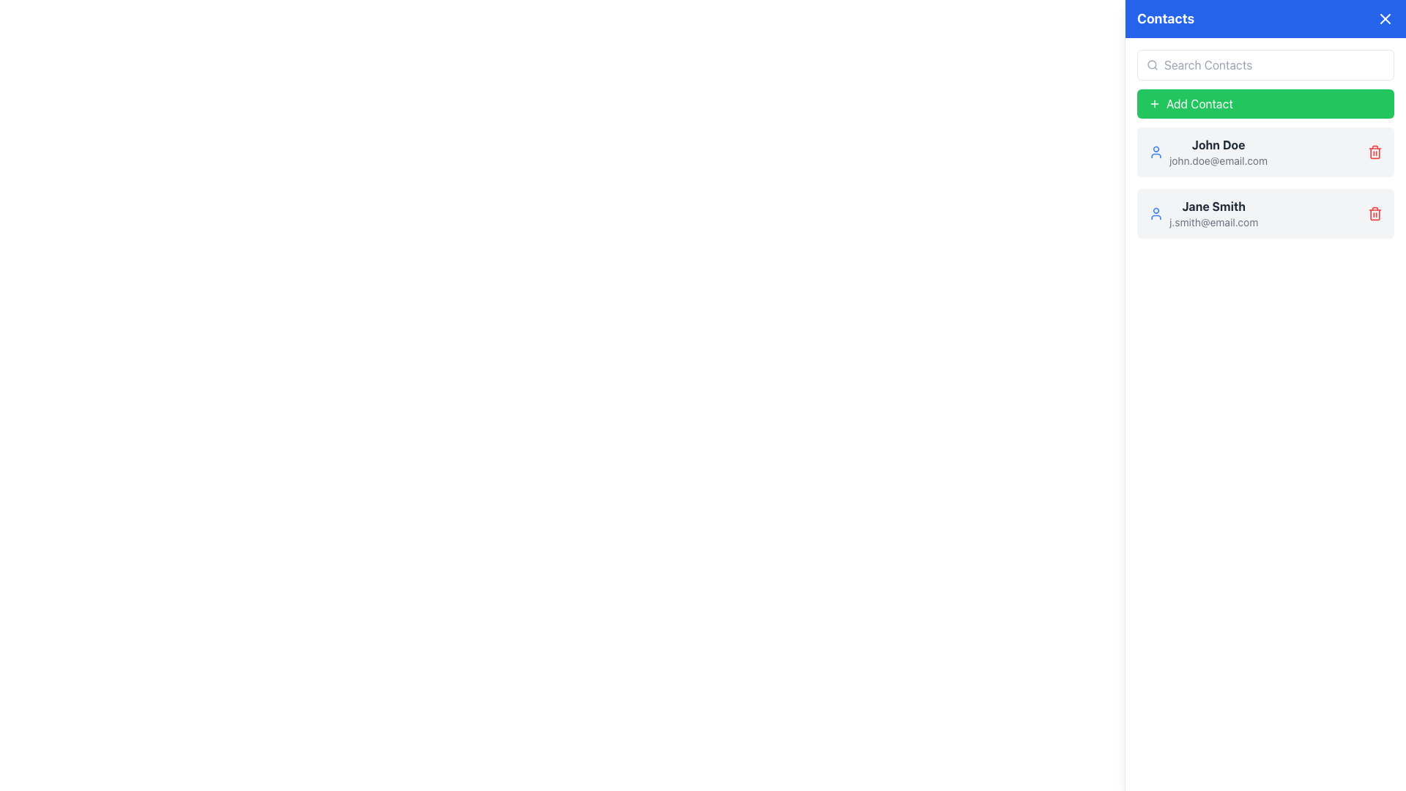  What do you see at coordinates (1156, 214) in the screenshot?
I see `the user icon for 'Jane Smith', which is a blue circular head and shoulder outline located in the user profile list` at bounding box center [1156, 214].